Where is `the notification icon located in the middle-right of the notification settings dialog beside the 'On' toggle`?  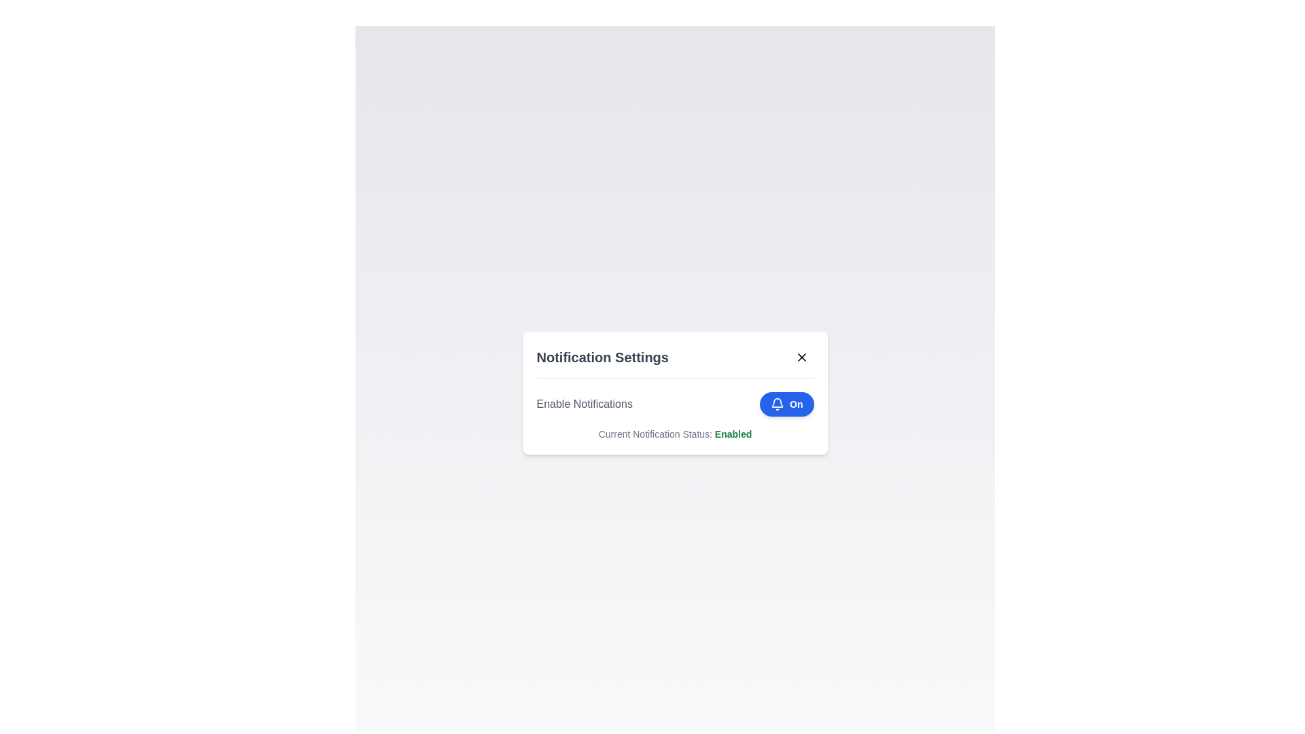 the notification icon located in the middle-right of the notification settings dialog beside the 'On' toggle is located at coordinates (778, 402).